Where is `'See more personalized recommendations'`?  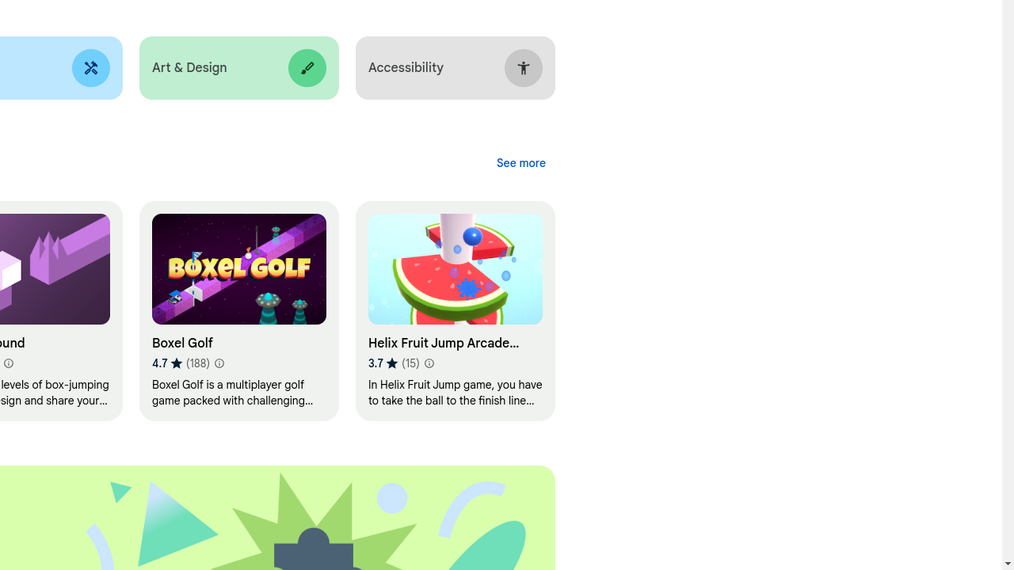
'See more personalized recommendations' is located at coordinates (520, 163).